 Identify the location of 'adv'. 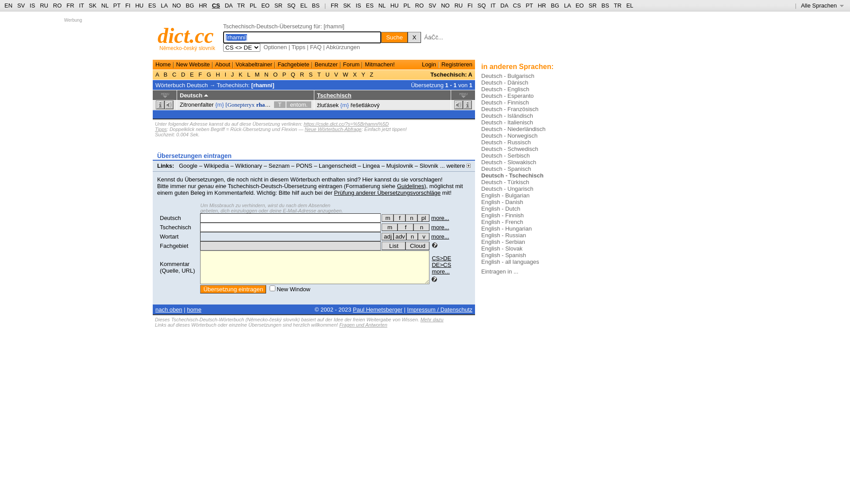
(399, 236).